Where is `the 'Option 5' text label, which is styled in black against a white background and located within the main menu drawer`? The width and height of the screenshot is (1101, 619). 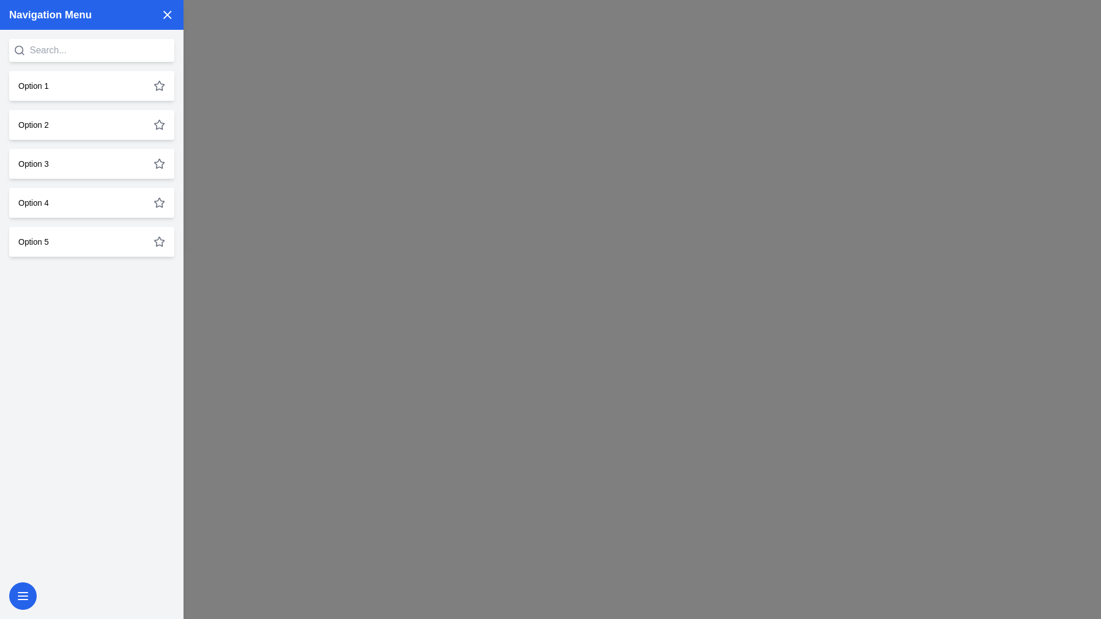 the 'Option 5' text label, which is styled in black against a white background and located within the main menu drawer is located at coordinates (33, 241).